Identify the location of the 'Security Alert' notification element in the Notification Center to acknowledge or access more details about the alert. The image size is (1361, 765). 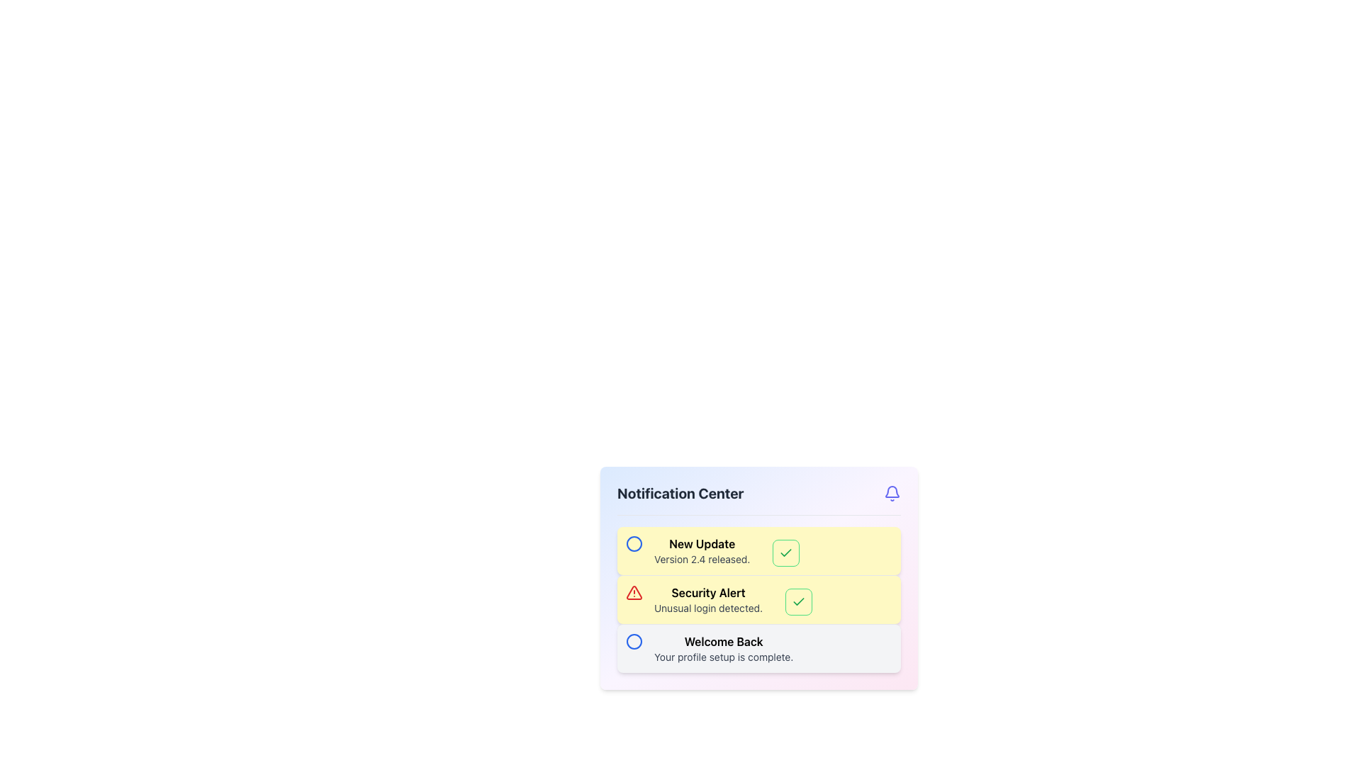
(708, 600).